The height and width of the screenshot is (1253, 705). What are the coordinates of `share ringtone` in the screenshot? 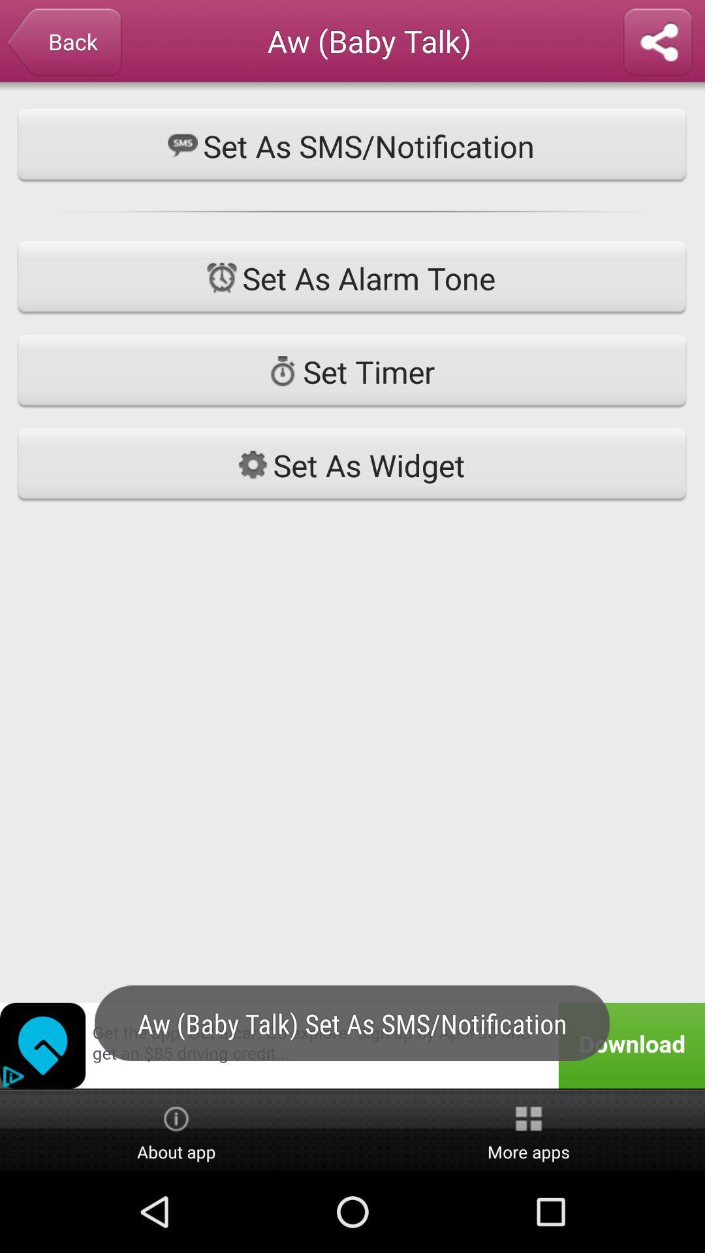 It's located at (657, 43).